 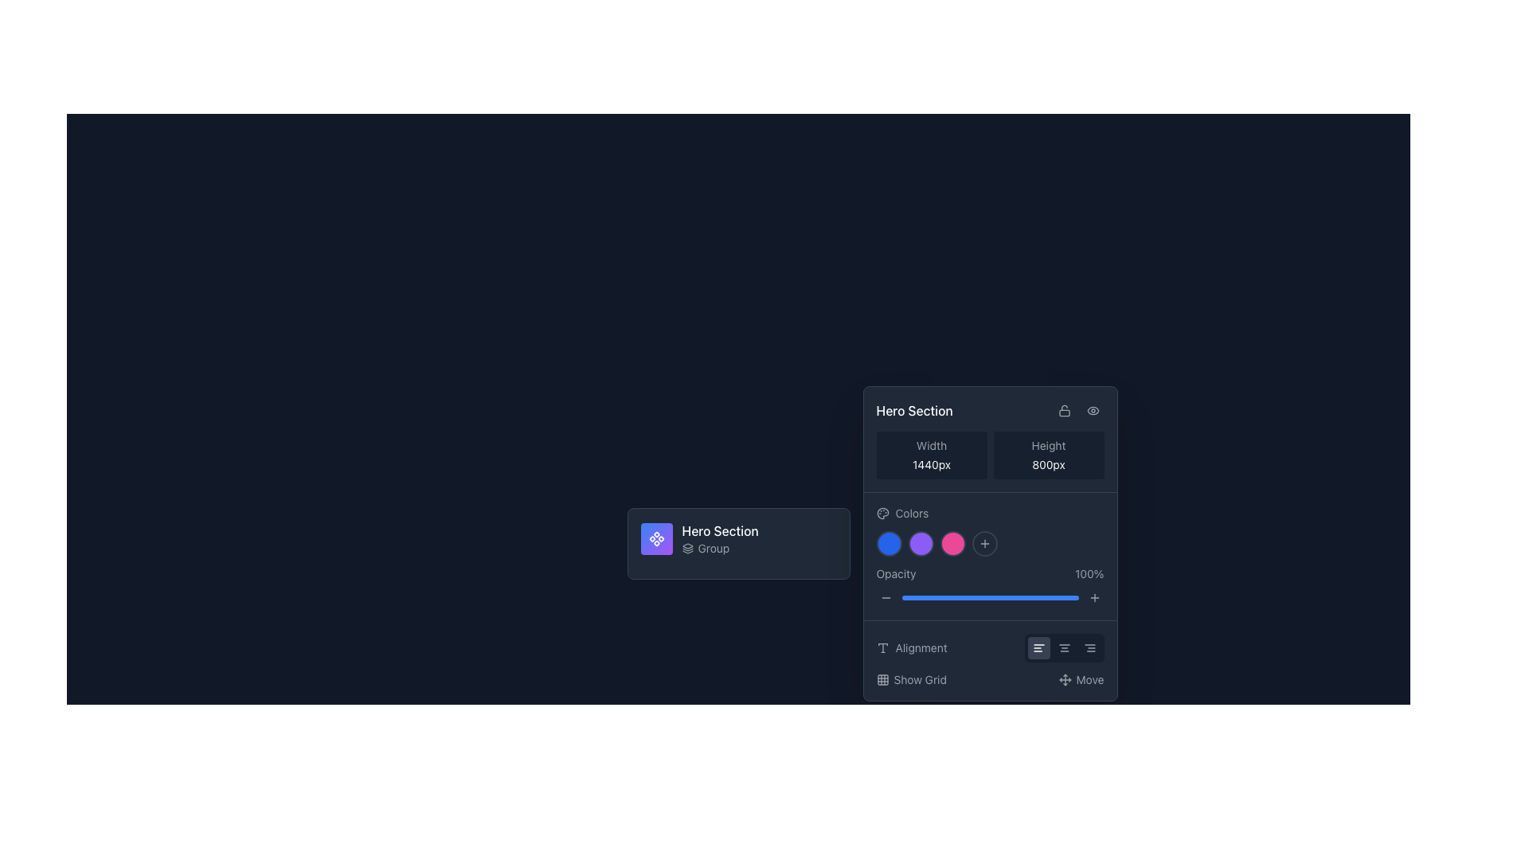 What do you see at coordinates (1065, 679) in the screenshot?
I see `the multi-directional move icon located` at bounding box center [1065, 679].